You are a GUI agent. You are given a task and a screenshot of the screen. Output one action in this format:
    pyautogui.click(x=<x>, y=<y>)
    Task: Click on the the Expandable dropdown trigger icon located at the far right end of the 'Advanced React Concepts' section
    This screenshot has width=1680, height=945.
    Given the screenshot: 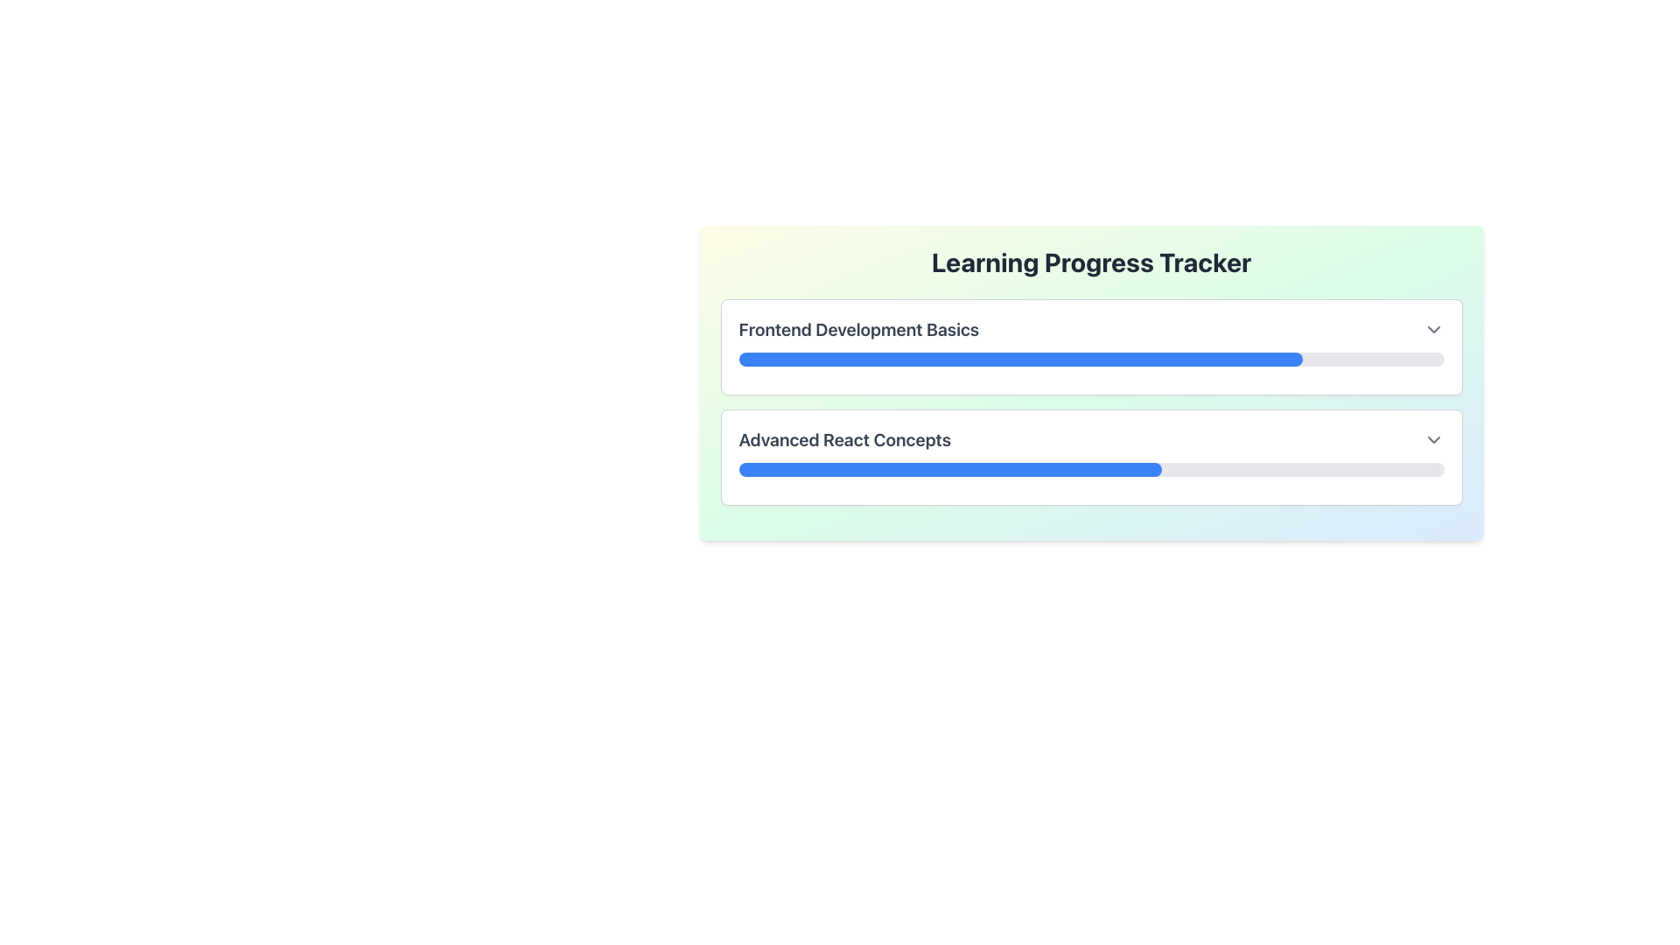 What is the action you would take?
    pyautogui.click(x=1433, y=438)
    